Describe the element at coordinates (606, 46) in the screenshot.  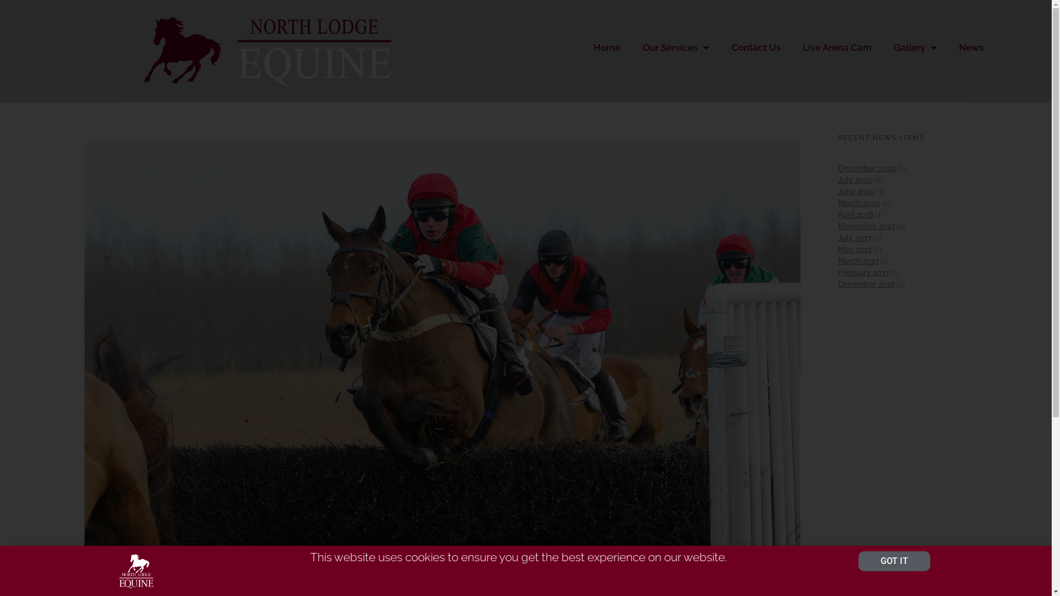
I see `'Home'` at that location.